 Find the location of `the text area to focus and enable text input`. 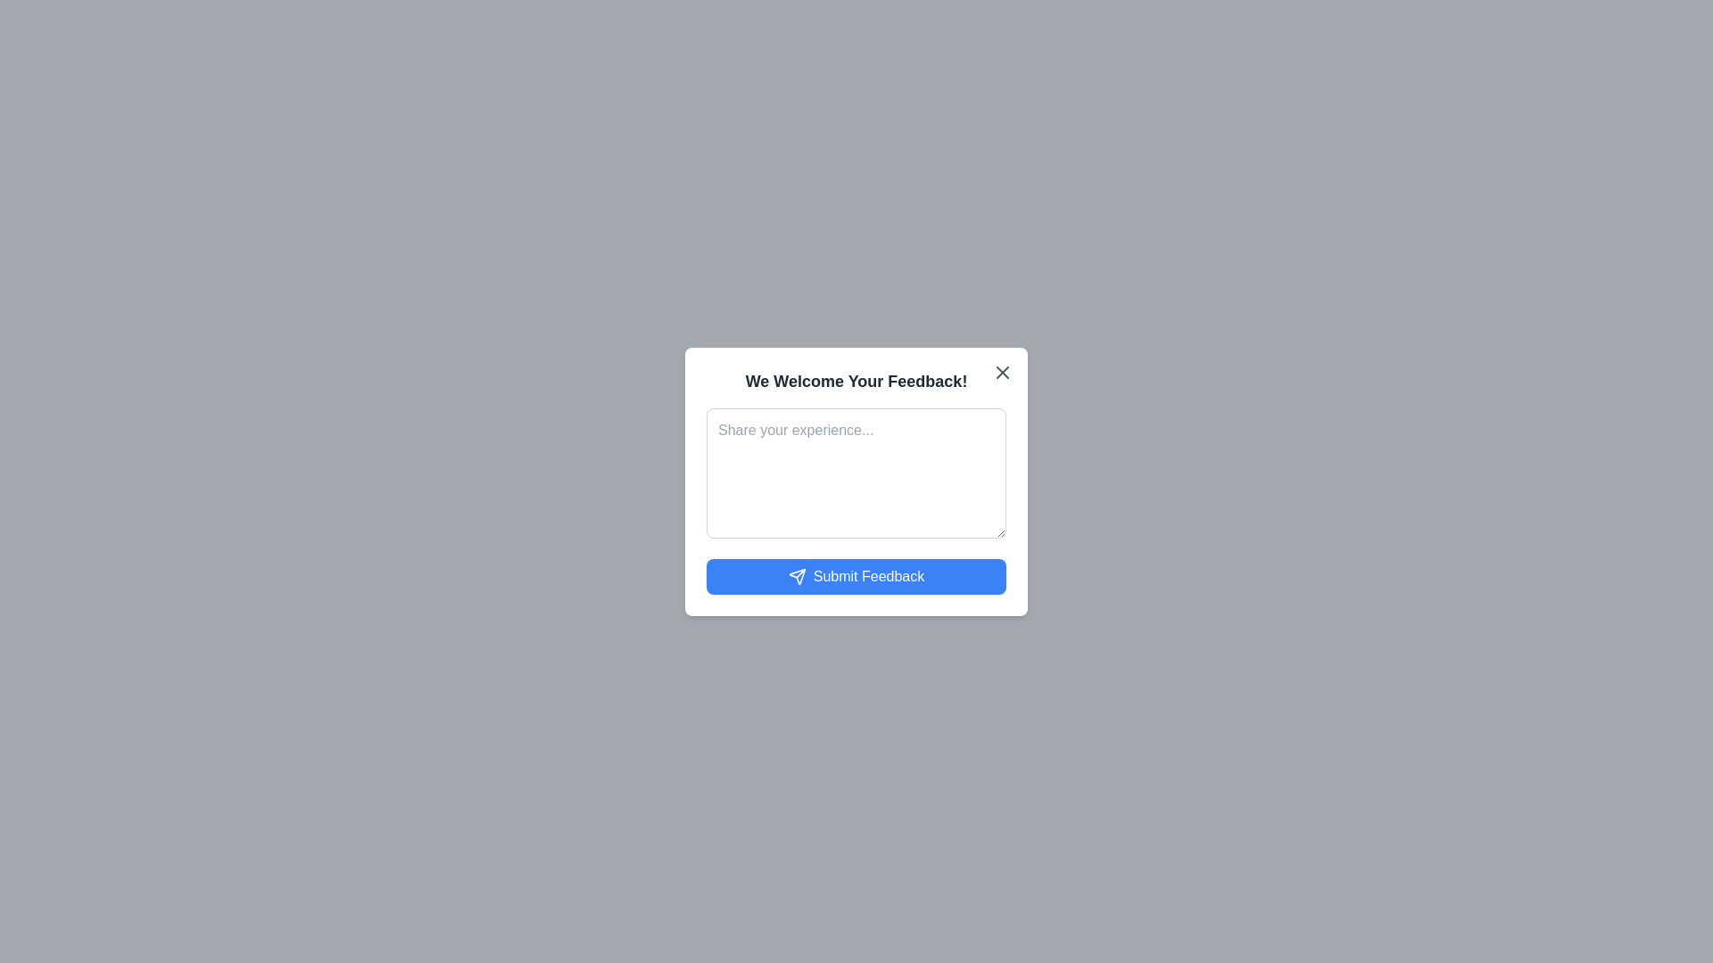

the text area to focus and enable text input is located at coordinates (856, 472).